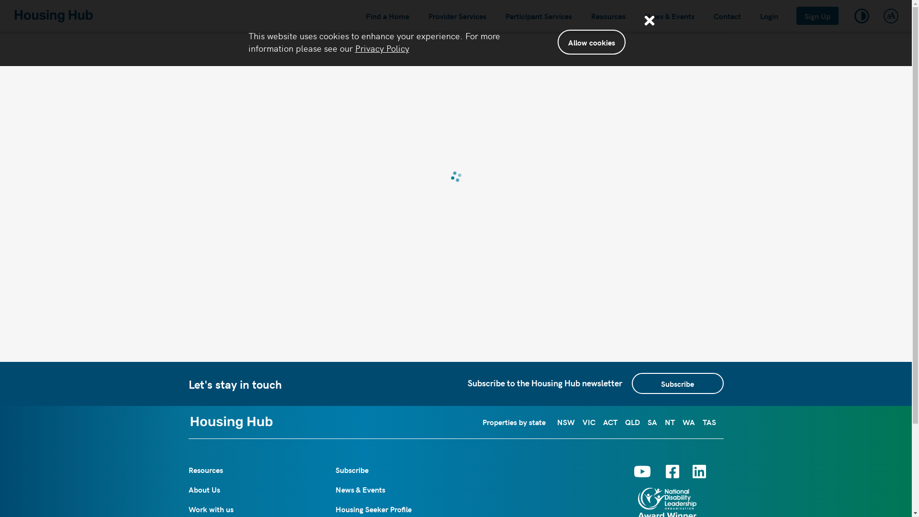 The image size is (919, 517). What do you see at coordinates (538, 16) in the screenshot?
I see `'Participant Services'` at bounding box center [538, 16].